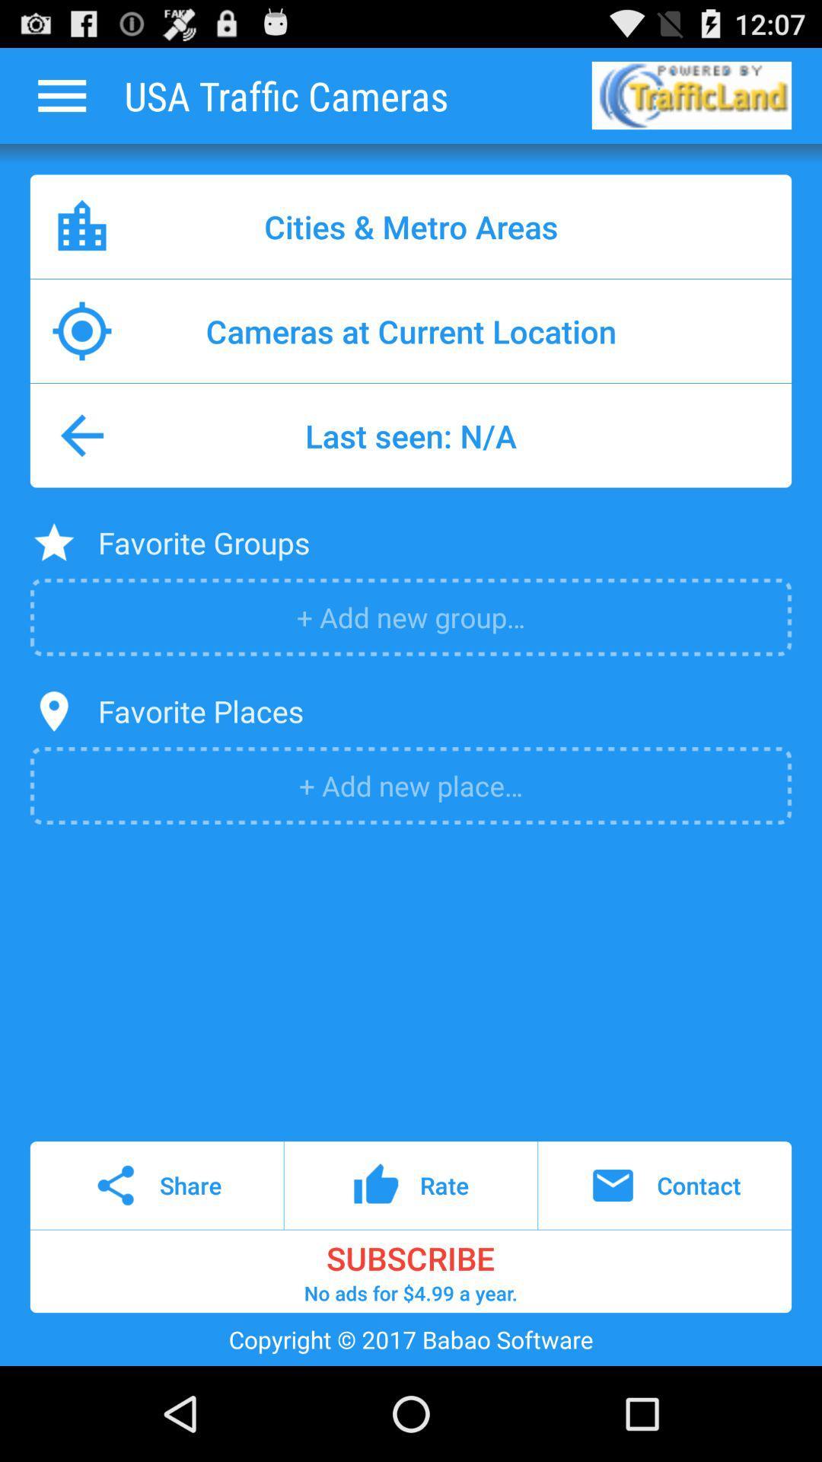 The height and width of the screenshot is (1462, 822). I want to click on item next to the cameras at current item, so click(739, 330).